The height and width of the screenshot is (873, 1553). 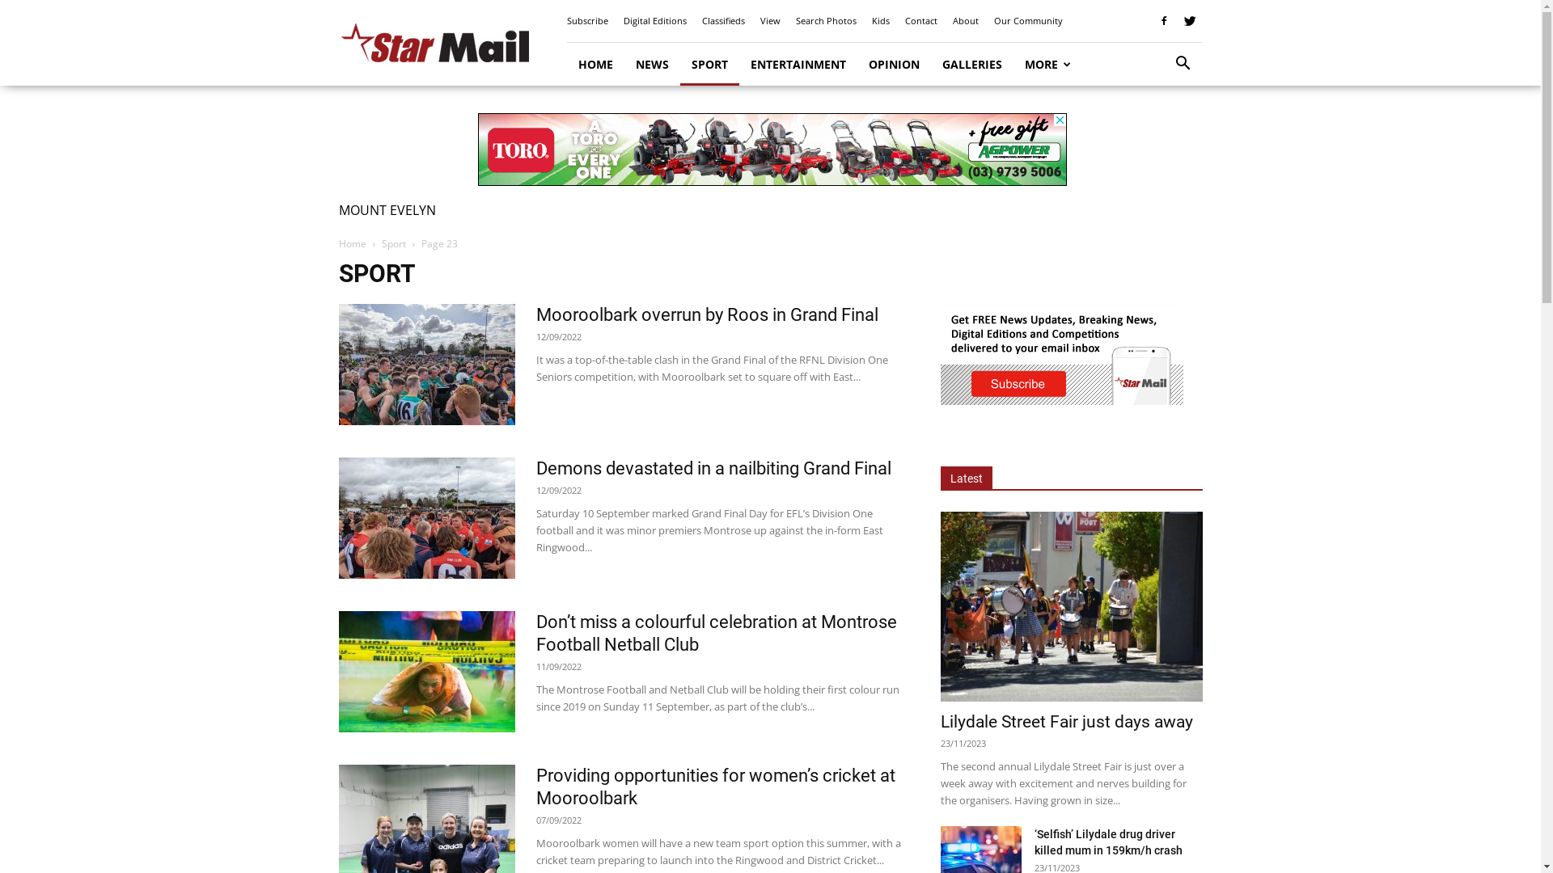 What do you see at coordinates (798, 63) in the screenshot?
I see `'ENTERTAINMENT'` at bounding box center [798, 63].